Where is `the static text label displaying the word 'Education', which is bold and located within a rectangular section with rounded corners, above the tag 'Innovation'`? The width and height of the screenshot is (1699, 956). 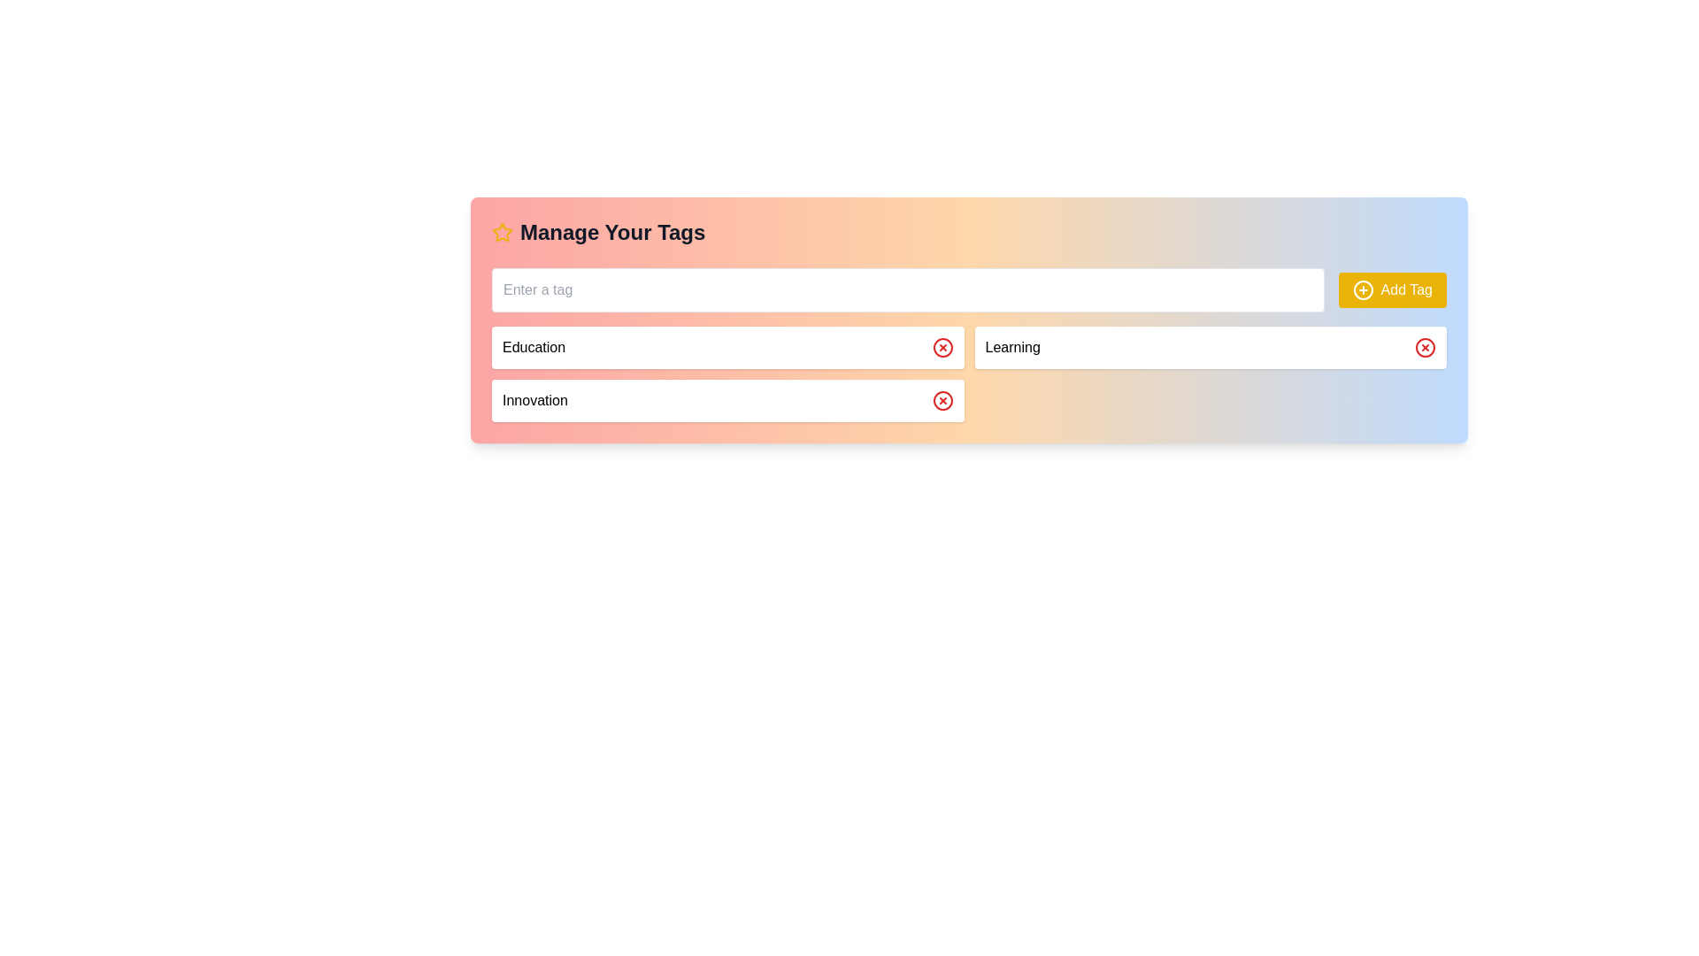 the static text label displaying the word 'Education', which is bold and located within a rectangular section with rounded corners, above the tag 'Innovation' is located at coordinates (533, 348).